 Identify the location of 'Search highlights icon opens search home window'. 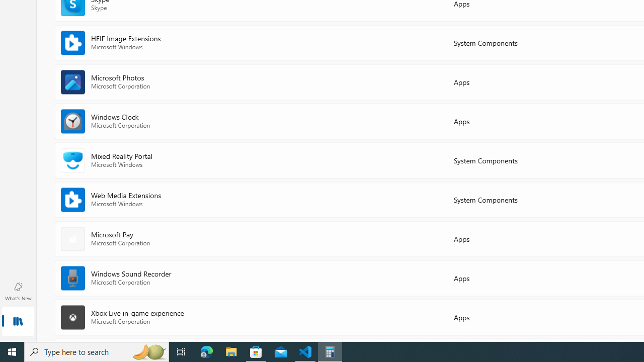
(148, 351).